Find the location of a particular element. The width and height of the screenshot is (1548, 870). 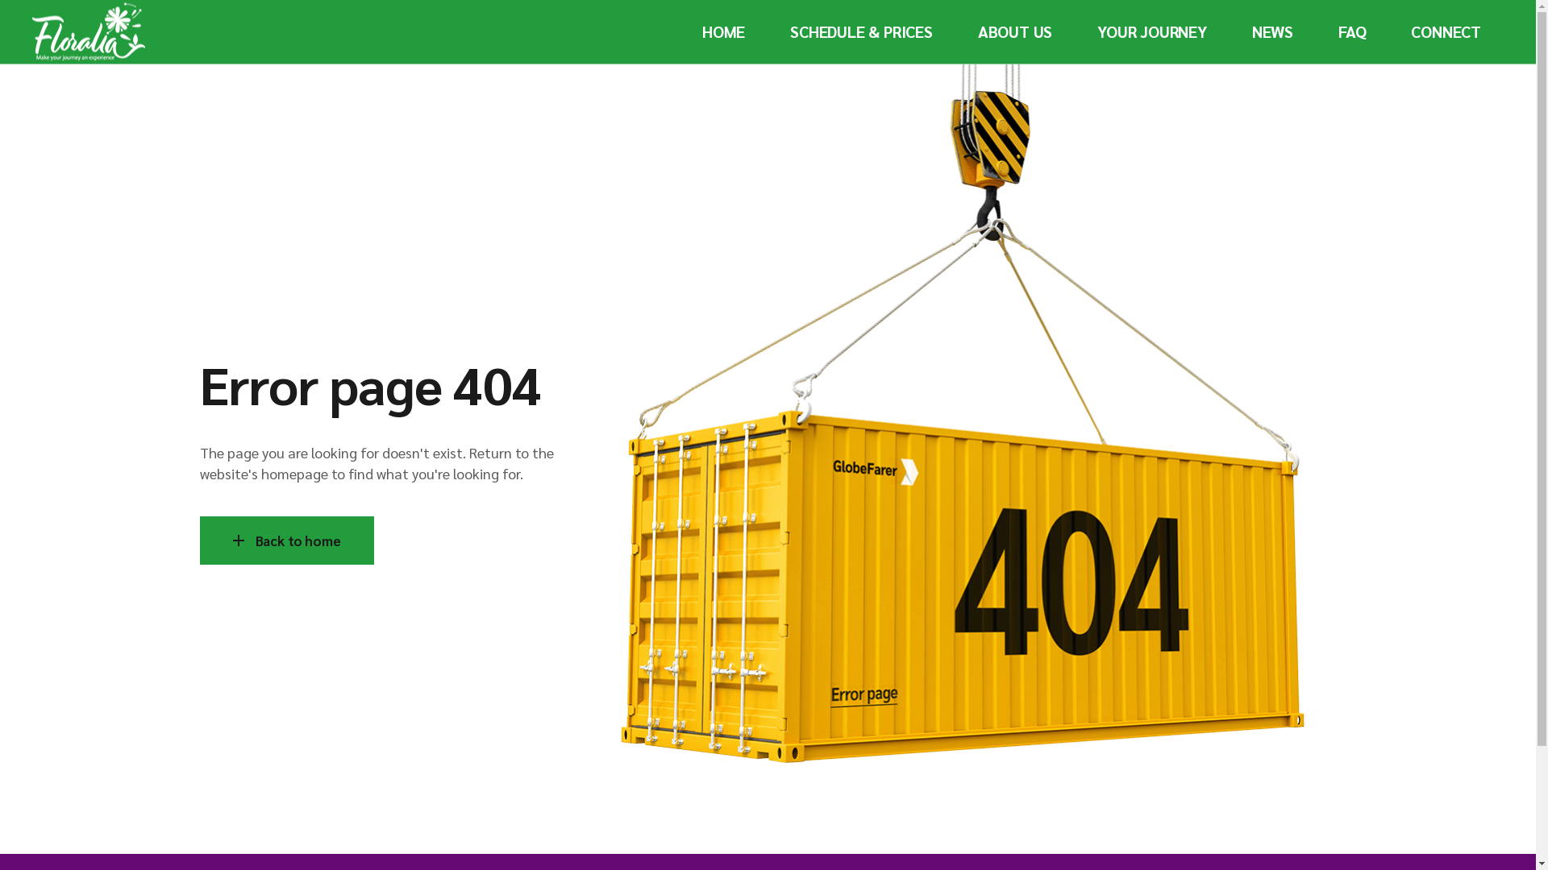

'CONNECT' is located at coordinates (1446, 31).